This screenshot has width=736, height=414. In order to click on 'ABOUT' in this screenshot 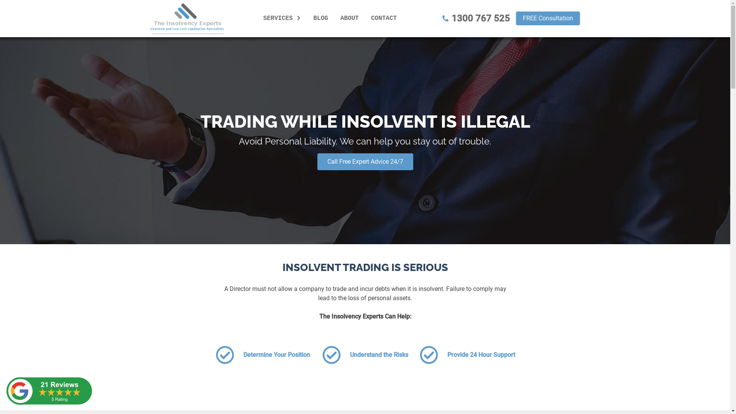, I will do `click(349, 18)`.